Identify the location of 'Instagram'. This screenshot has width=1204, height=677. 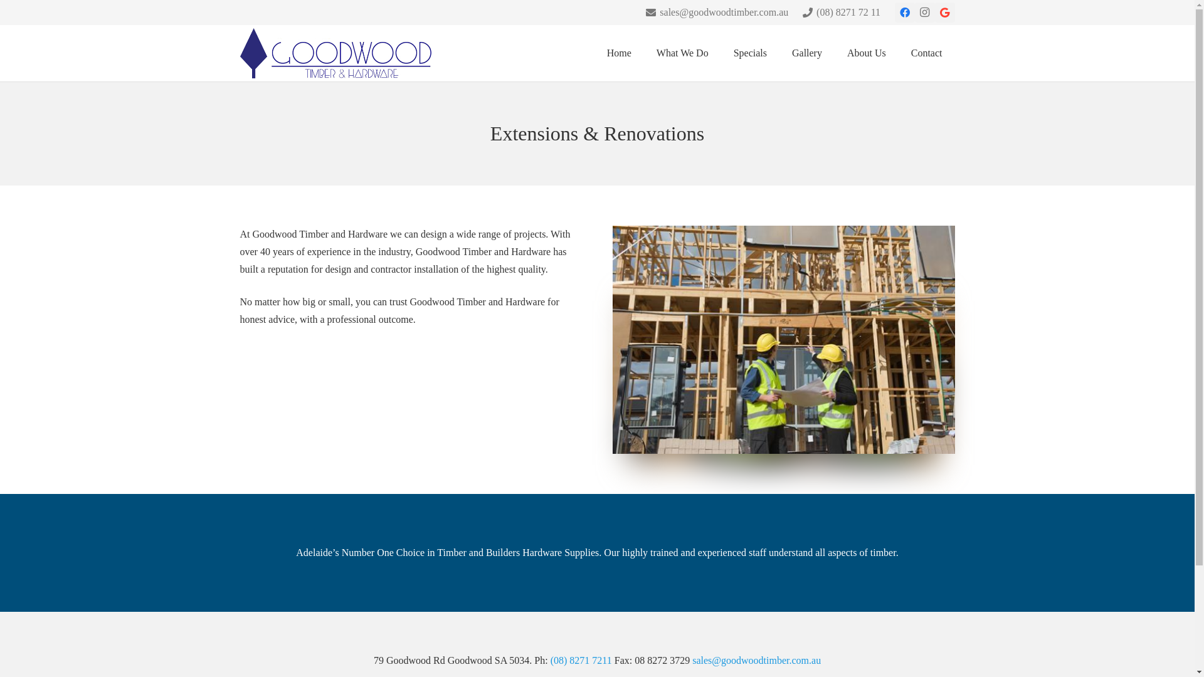
(924, 12).